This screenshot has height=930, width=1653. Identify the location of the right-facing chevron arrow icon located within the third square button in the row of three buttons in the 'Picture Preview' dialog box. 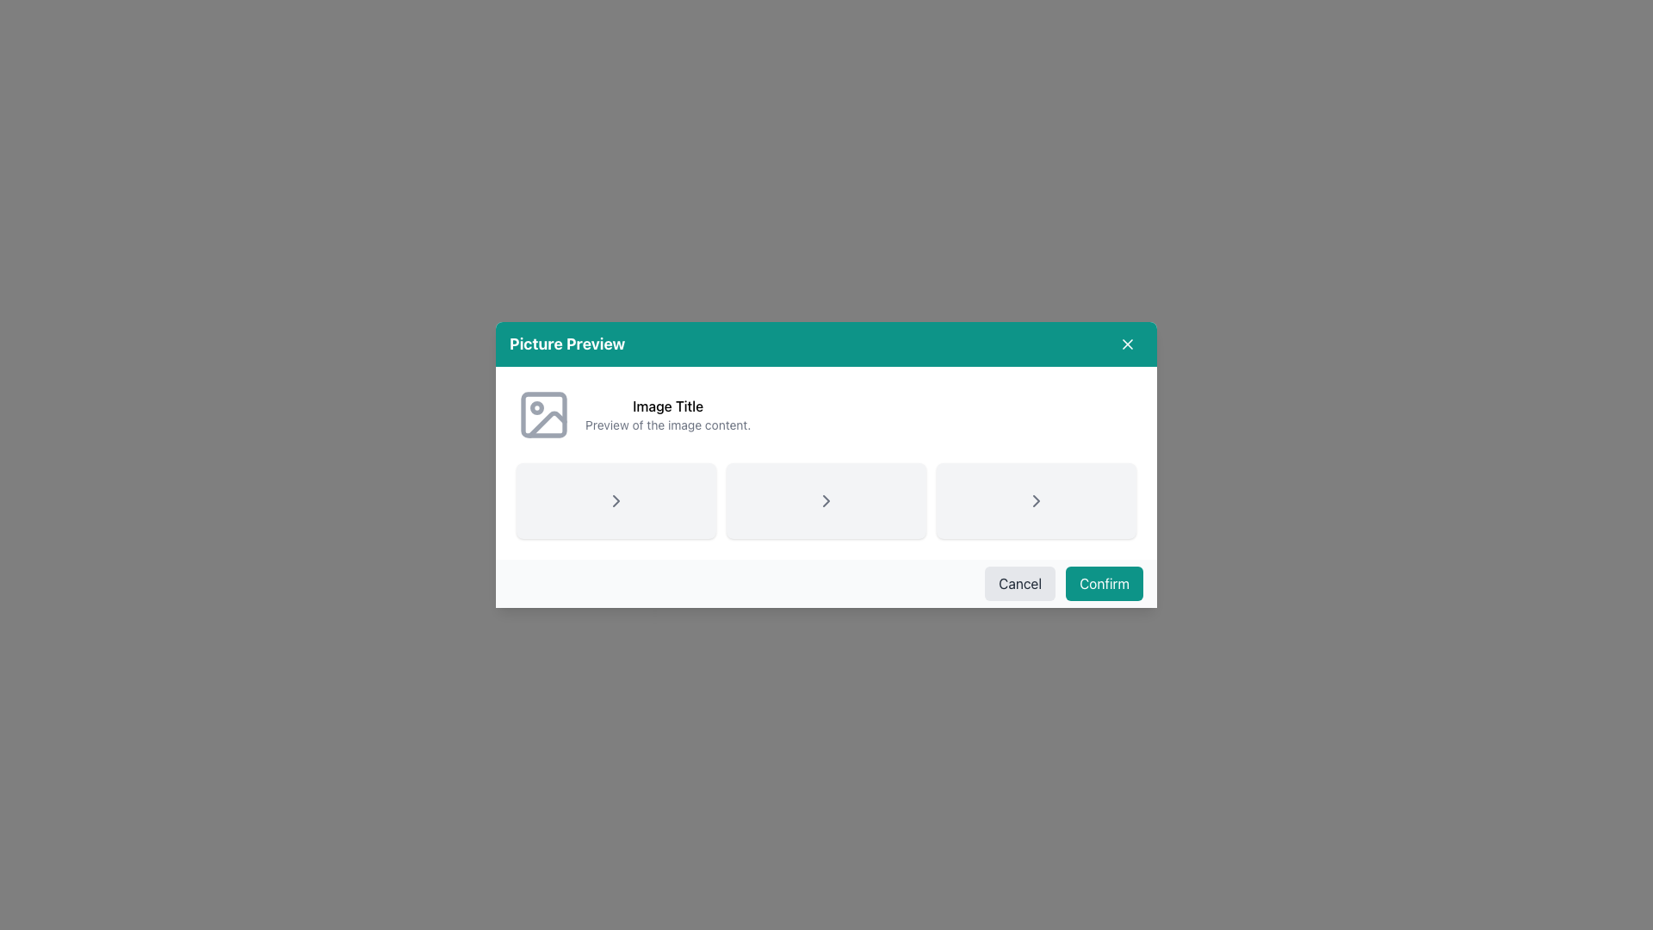
(1036, 501).